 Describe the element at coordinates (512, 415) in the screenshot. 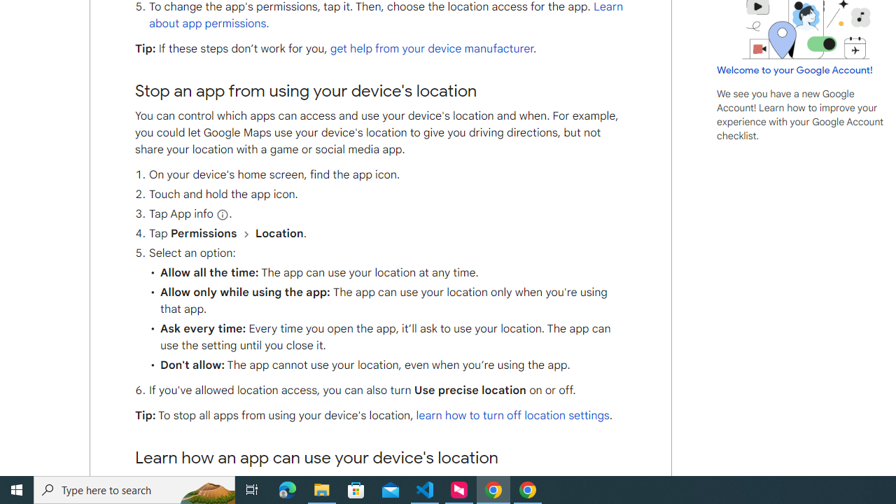

I see `'learn how to turn off location settings'` at that location.